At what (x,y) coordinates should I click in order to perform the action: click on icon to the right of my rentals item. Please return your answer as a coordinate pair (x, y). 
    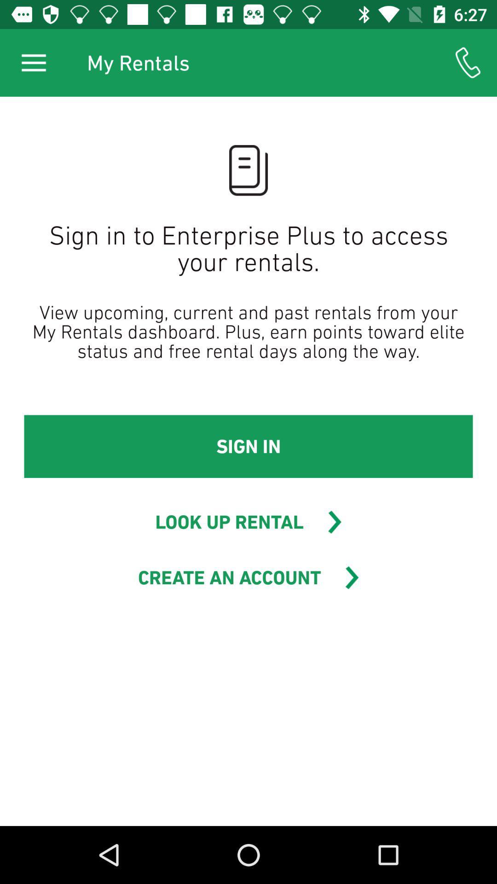
    Looking at the image, I should click on (468, 62).